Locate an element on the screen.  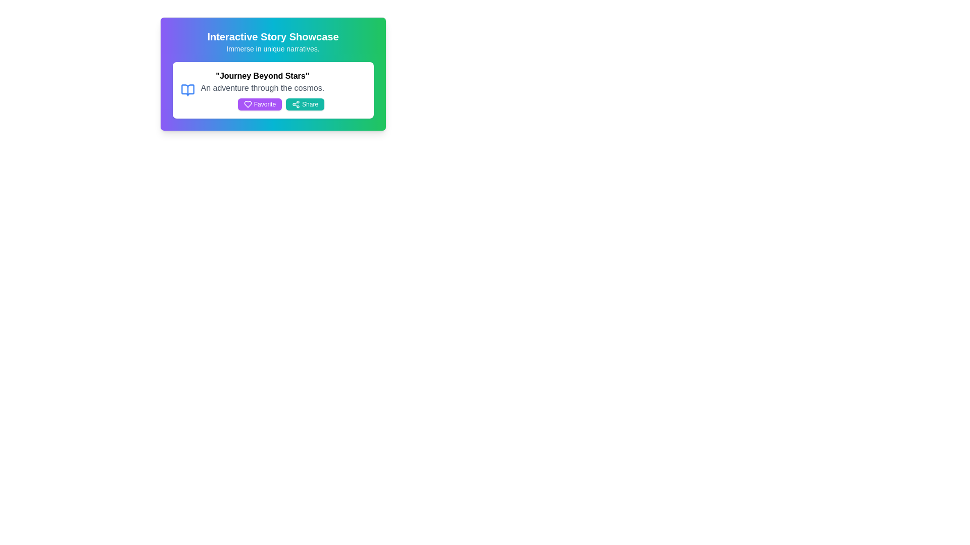
the bolded text displaying the title 'Journey Beyond Stars', which is located at the top of a content card with a gradient green and purple background is located at coordinates (262, 75).